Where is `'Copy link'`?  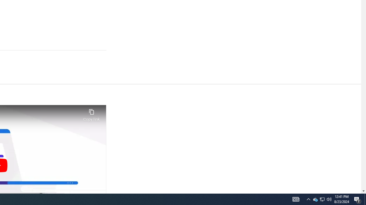
'Copy link' is located at coordinates (91, 113).